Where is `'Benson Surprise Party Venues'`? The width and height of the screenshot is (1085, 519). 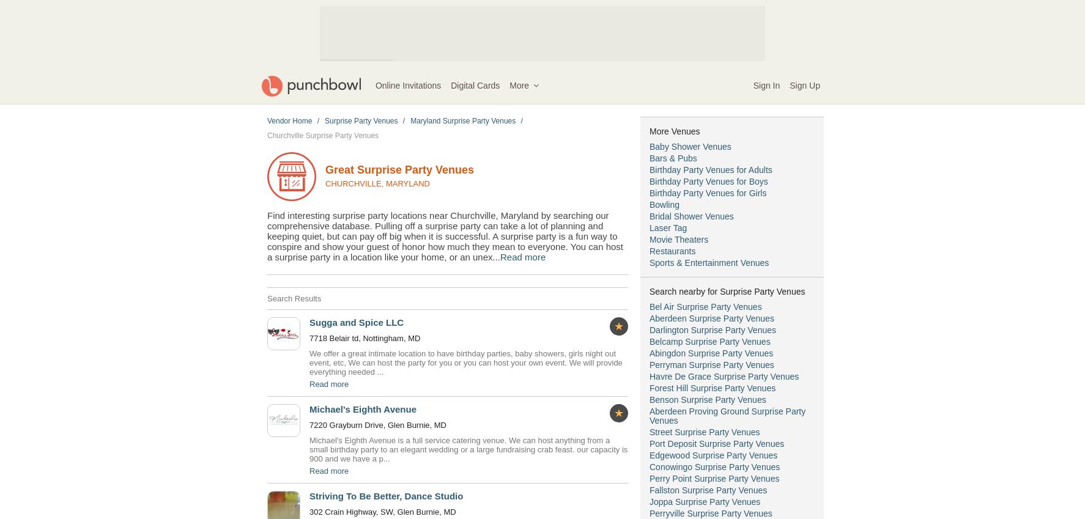 'Benson Surprise Party Venues' is located at coordinates (708, 399).